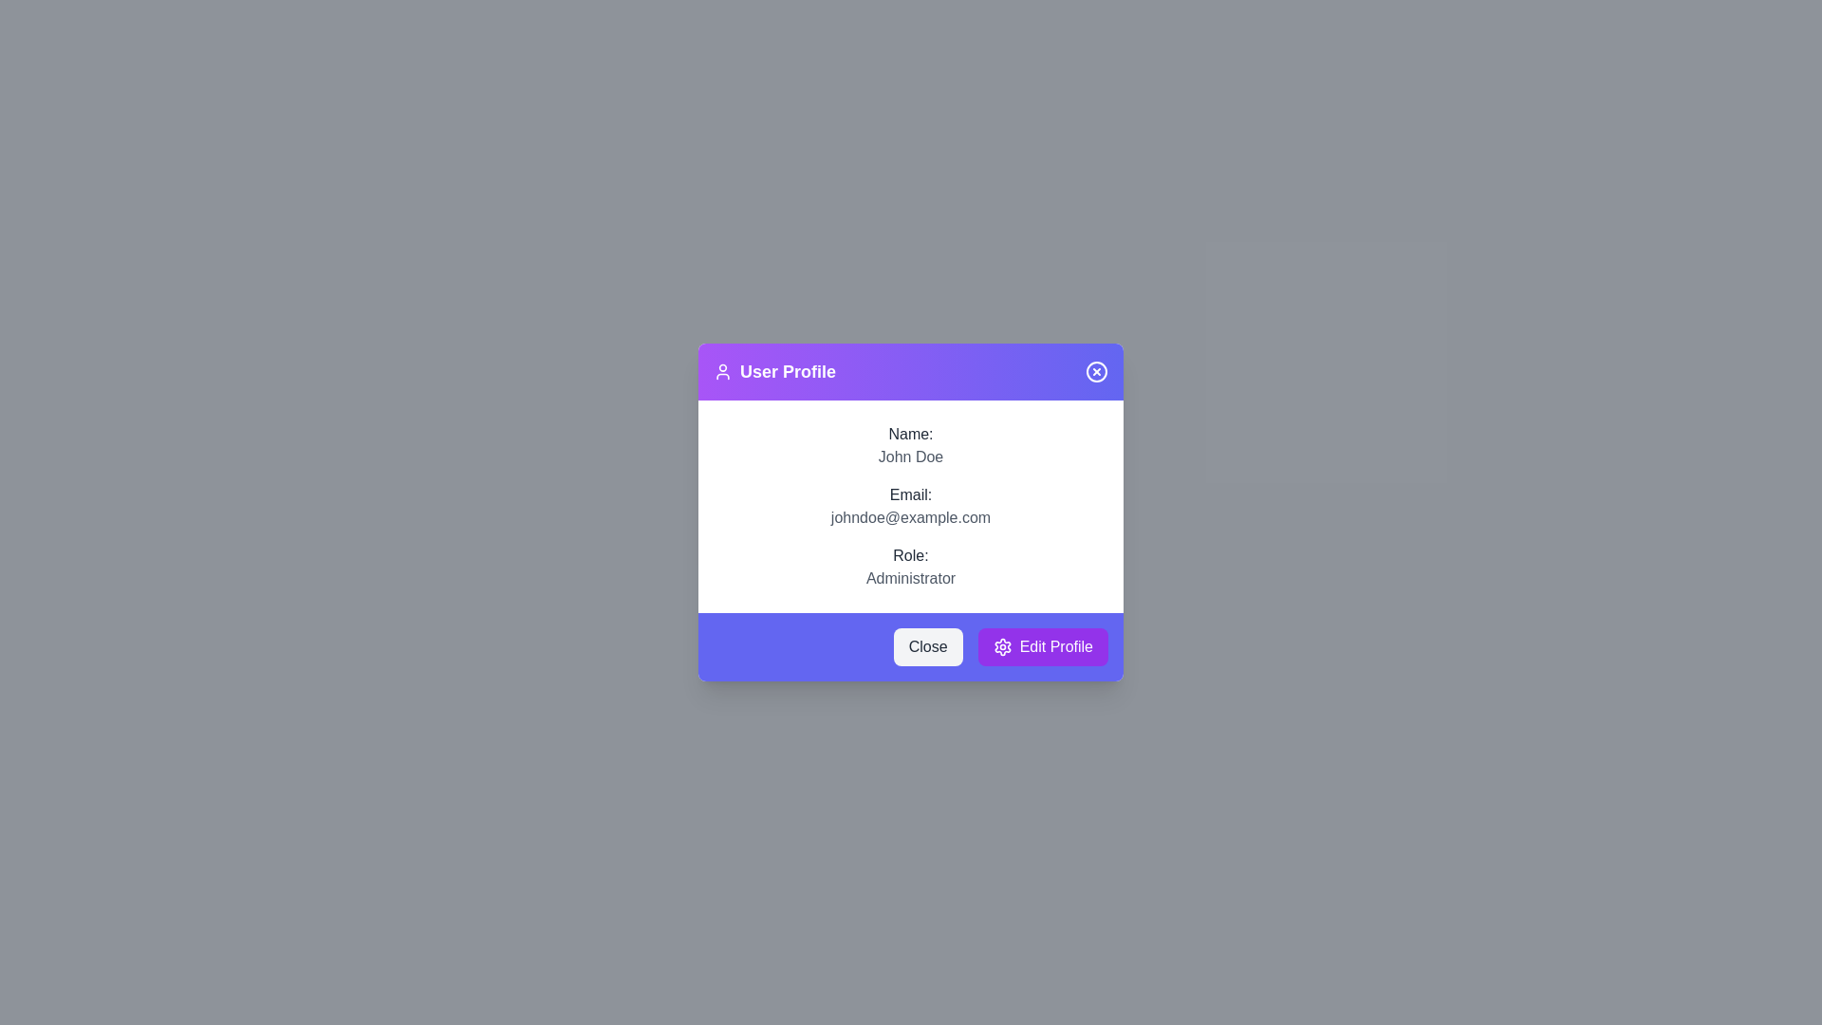 The image size is (1822, 1025). What do you see at coordinates (1001, 646) in the screenshot?
I see `the purple gear icon located to the left of the 'Edit Profile' text within the button in the bottom right of the modal` at bounding box center [1001, 646].